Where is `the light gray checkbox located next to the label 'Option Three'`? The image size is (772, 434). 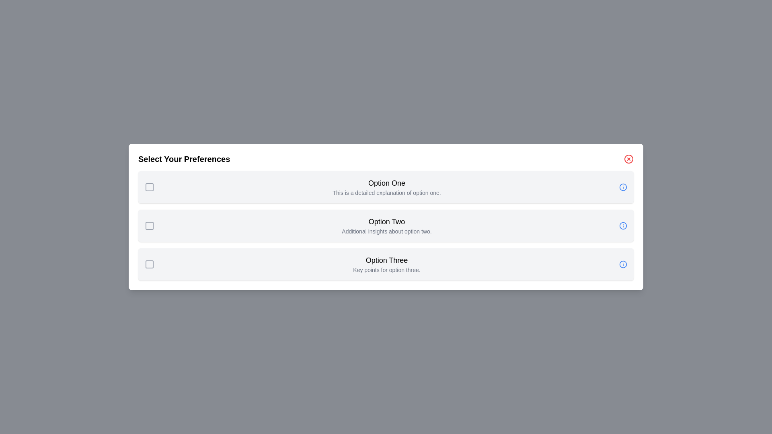 the light gray checkbox located next to the label 'Option Three' is located at coordinates (150, 264).